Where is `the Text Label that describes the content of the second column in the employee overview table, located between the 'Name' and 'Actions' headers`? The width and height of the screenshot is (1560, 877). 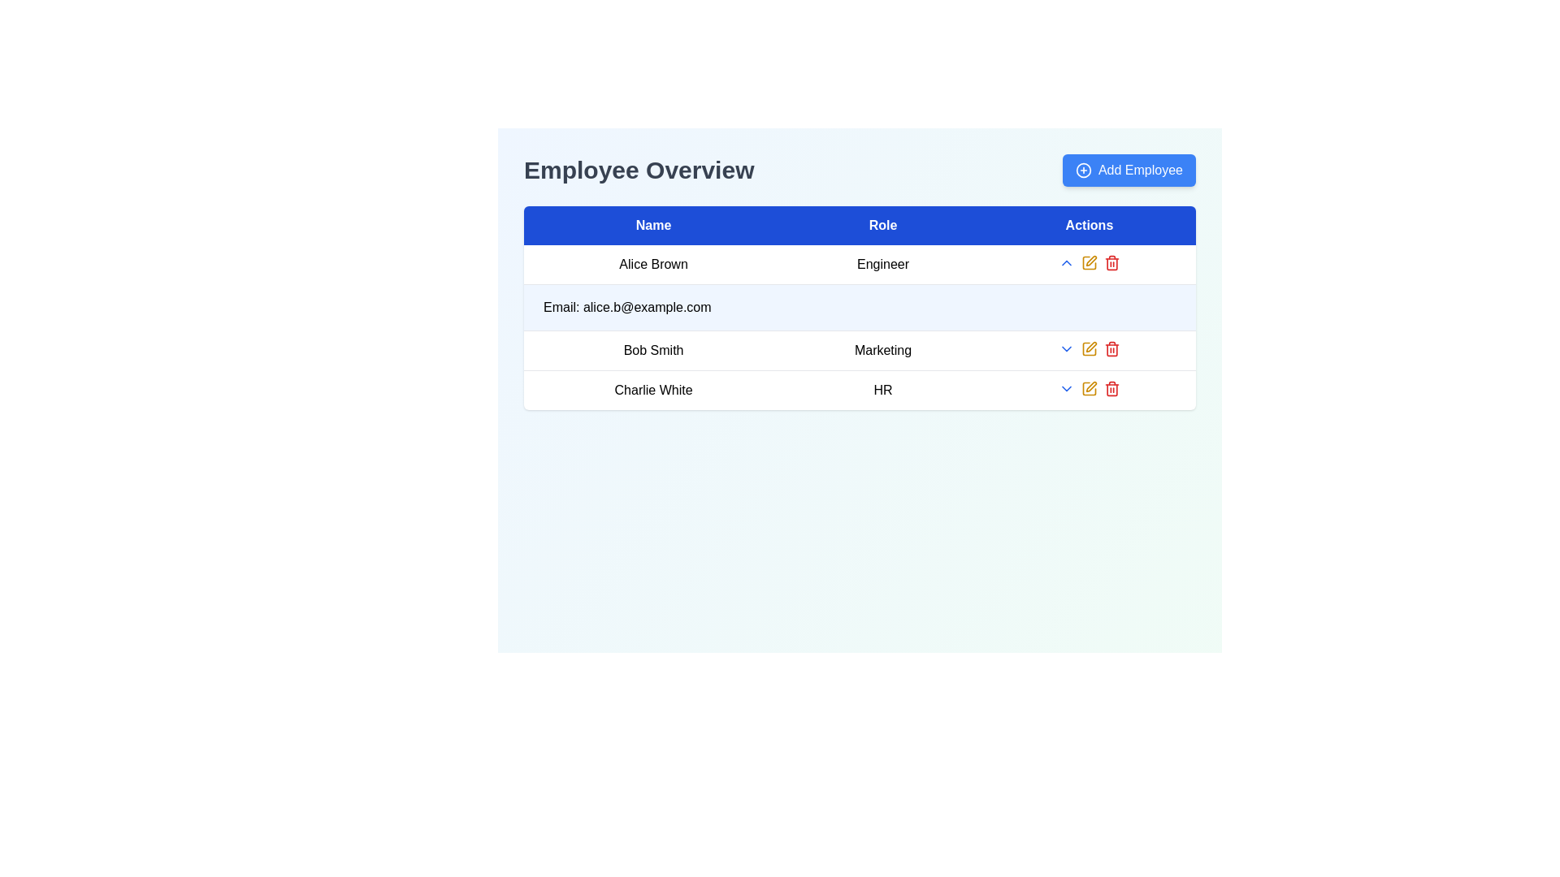 the Text Label that describes the content of the second column in the employee overview table, located between the 'Name' and 'Actions' headers is located at coordinates (882, 225).